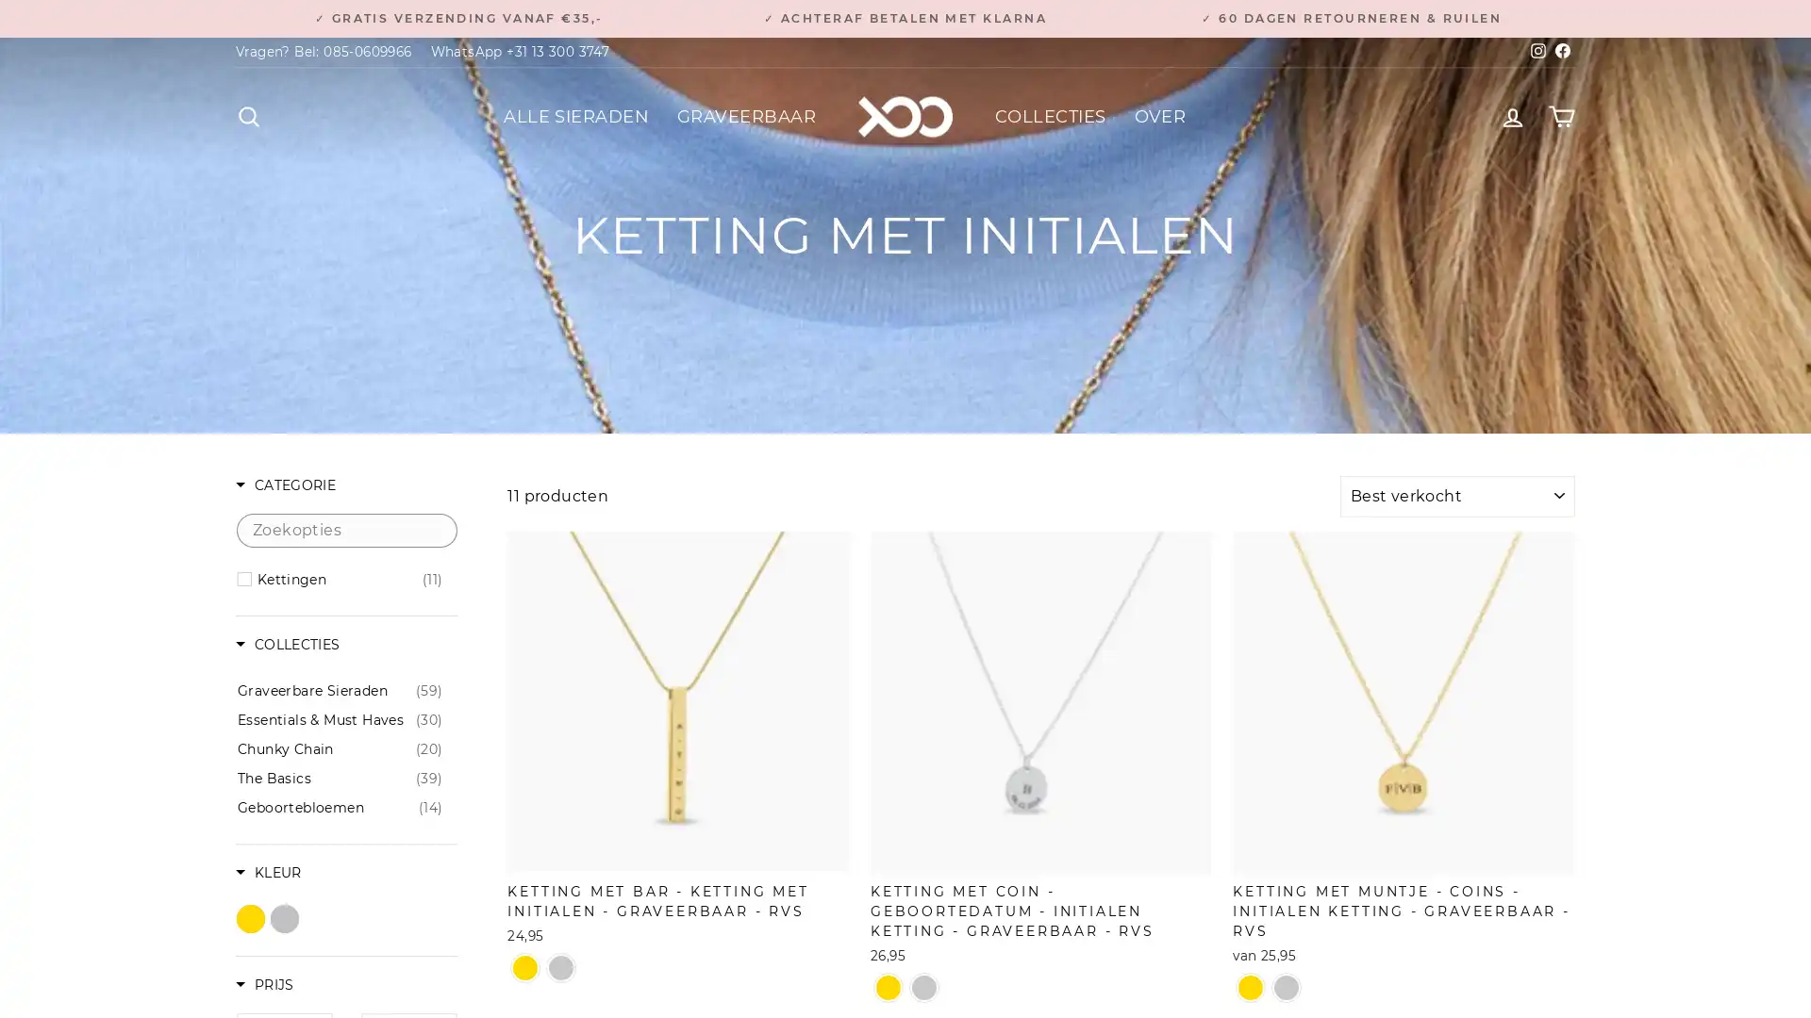 The image size is (1811, 1018). Describe the element at coordinates (267, 874) in the screenshot. I see `Filter by Kleur` at that location.